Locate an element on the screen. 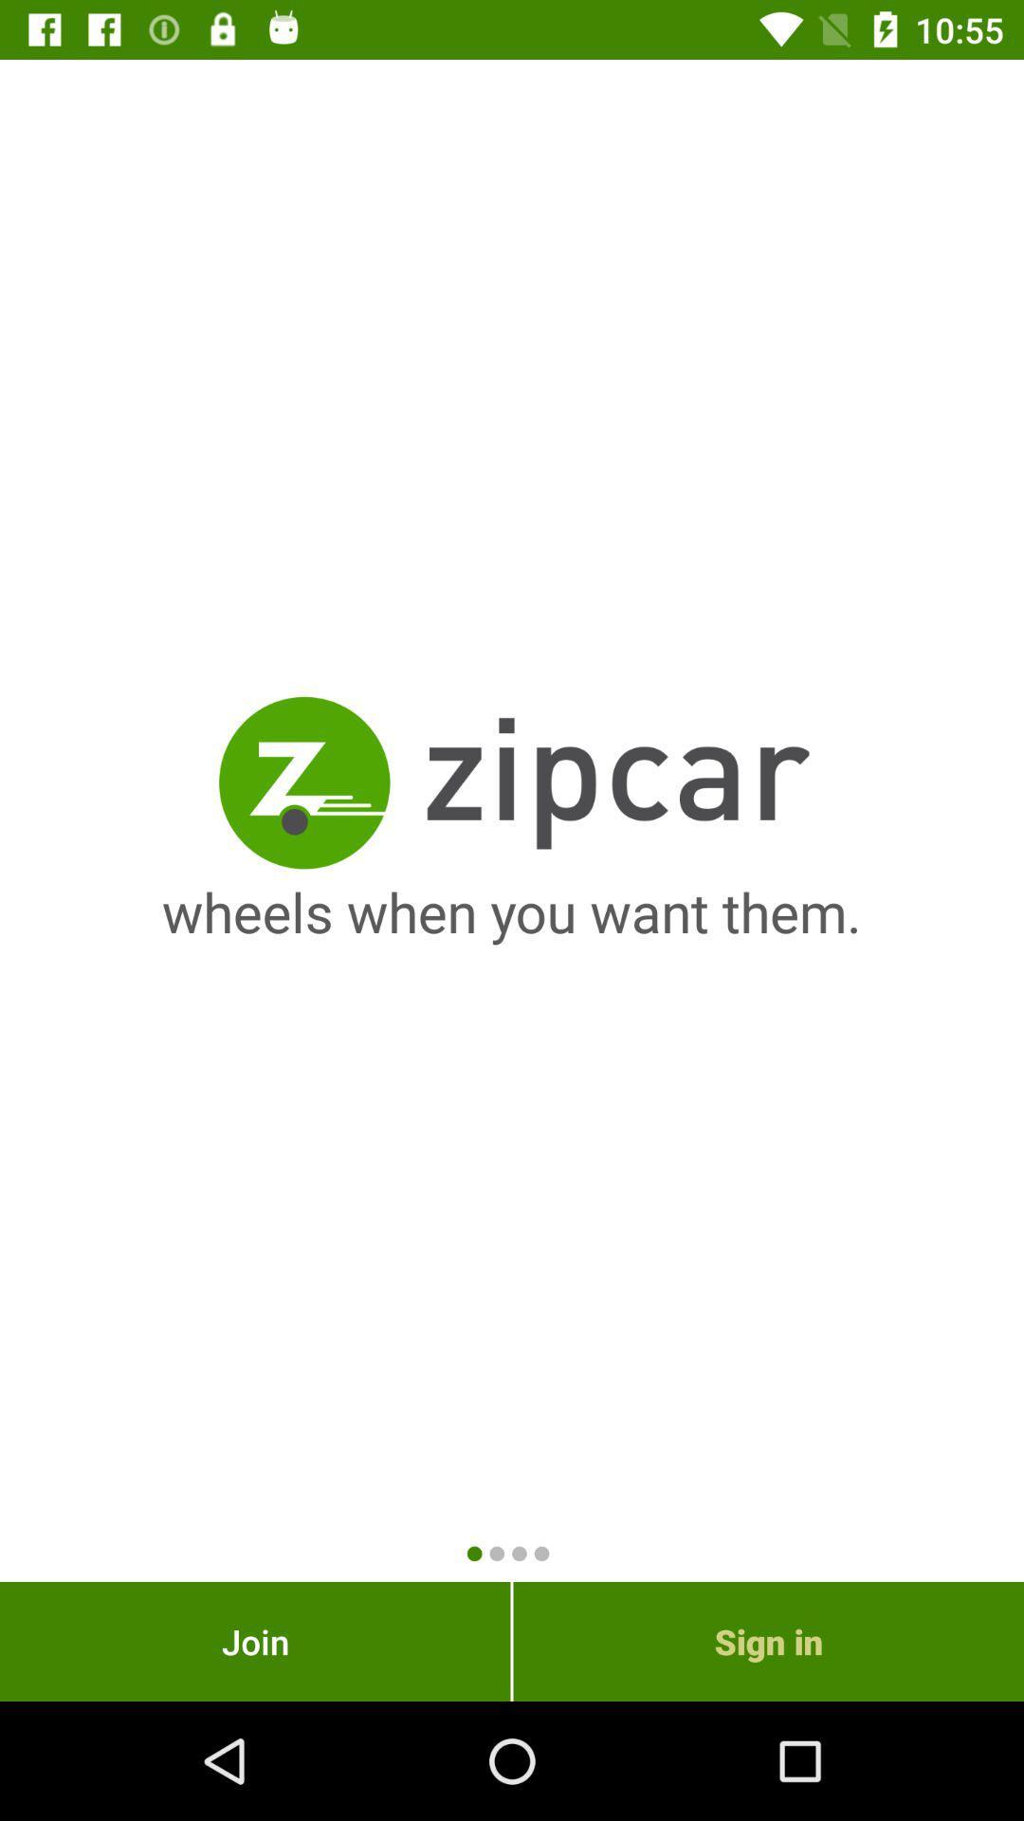  the join icon is located at coordinates (254, 1641).